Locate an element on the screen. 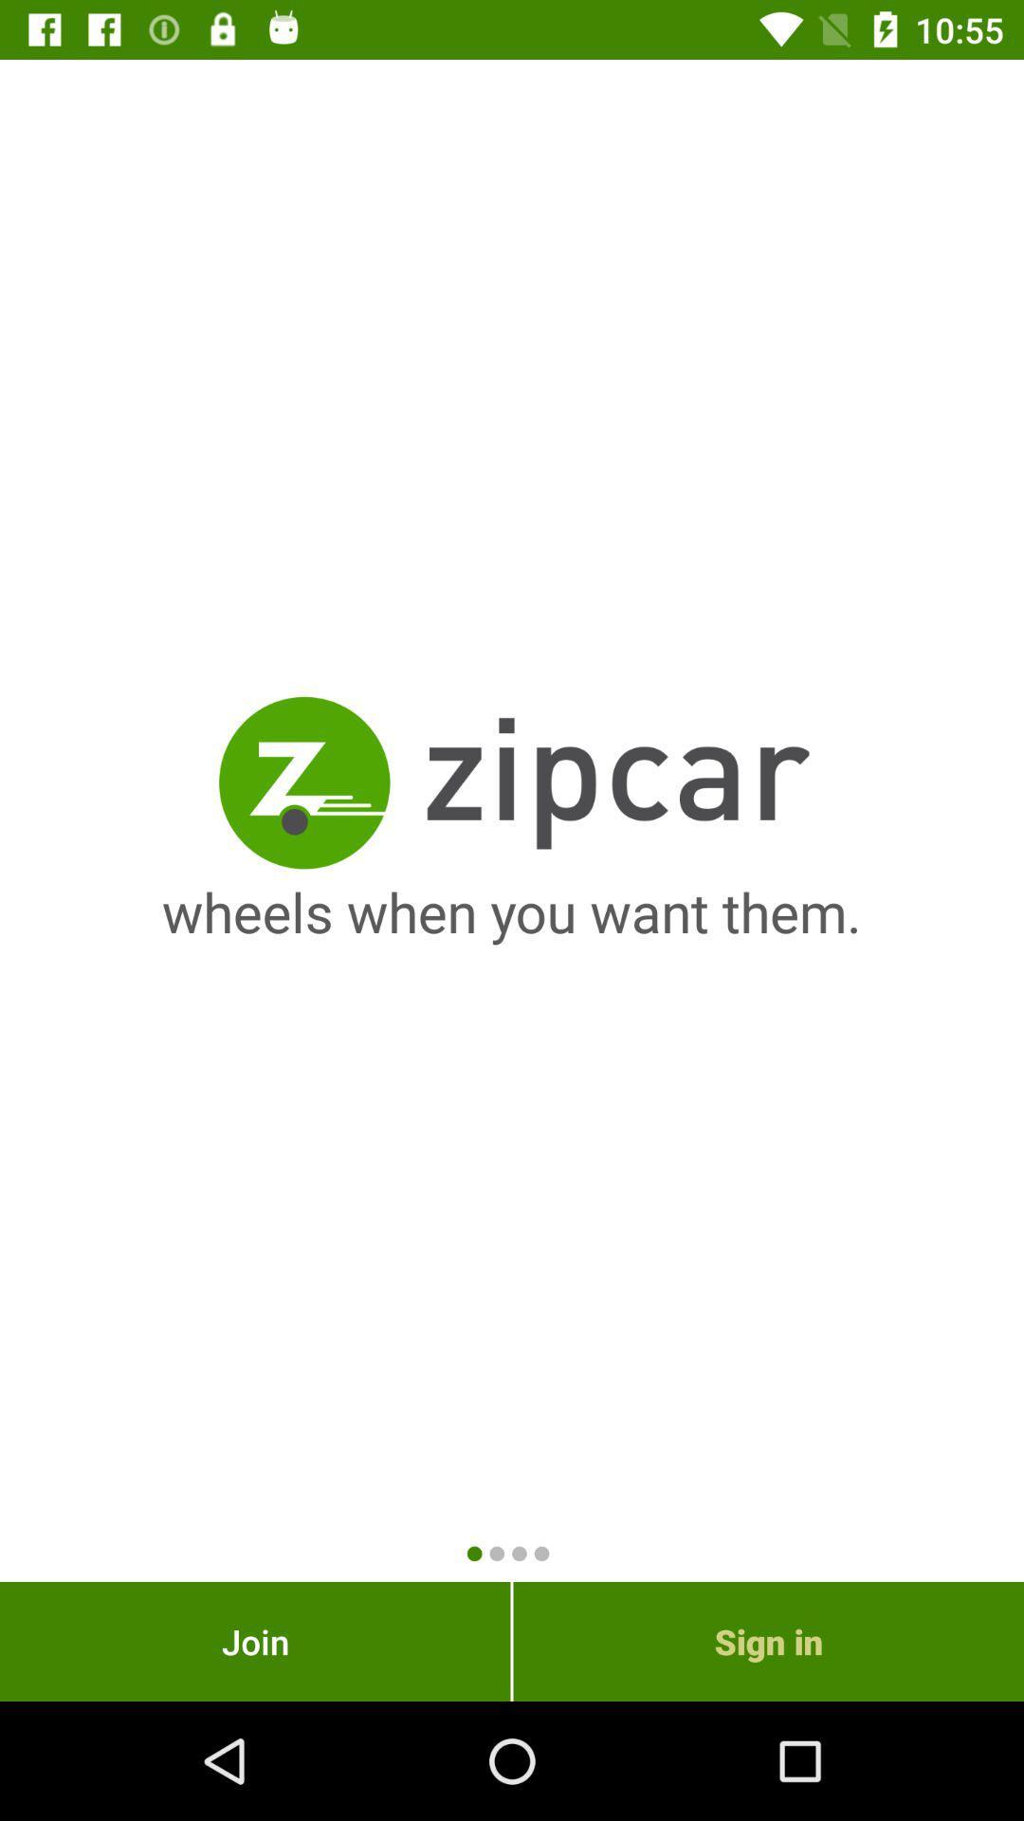  the join icon is located at coordinates (254, 1641).